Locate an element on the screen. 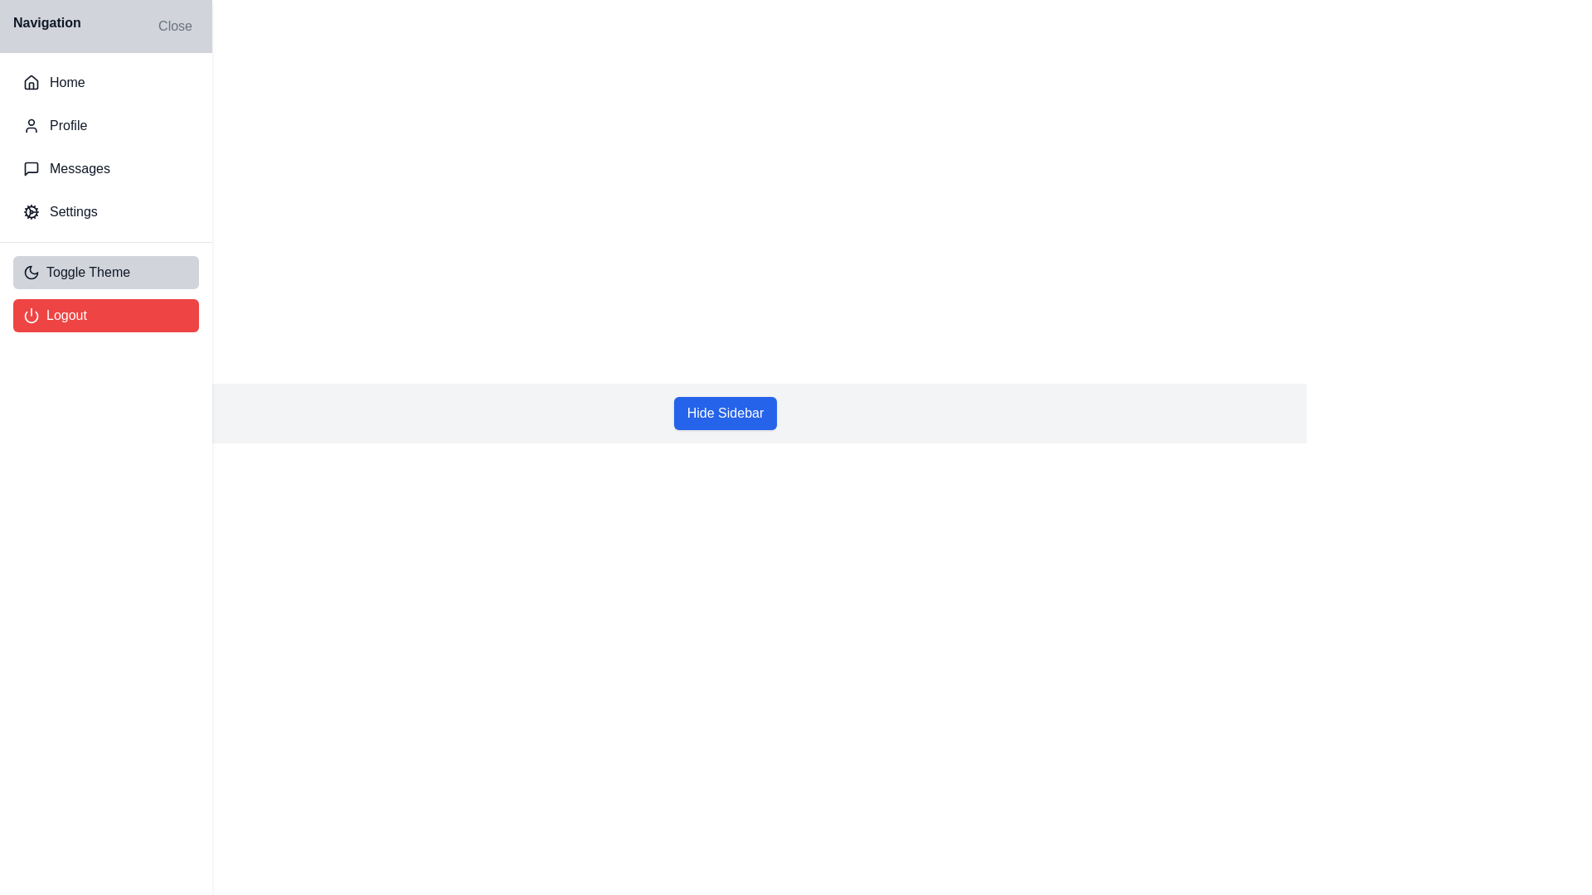 This screenshot has height=895, width=1592. the 'Home' navigation icon located at the top of the sidebar menu is located at coordinates (32, 82).